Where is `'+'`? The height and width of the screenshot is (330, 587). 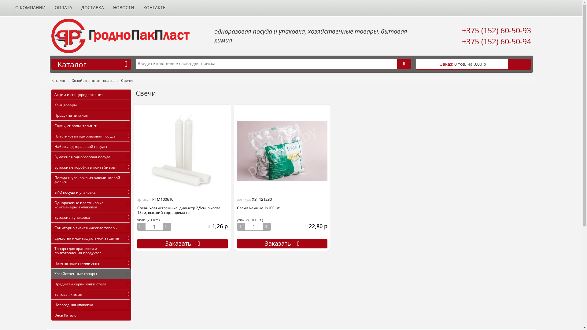 '+' is located at coordinates (167, 226).